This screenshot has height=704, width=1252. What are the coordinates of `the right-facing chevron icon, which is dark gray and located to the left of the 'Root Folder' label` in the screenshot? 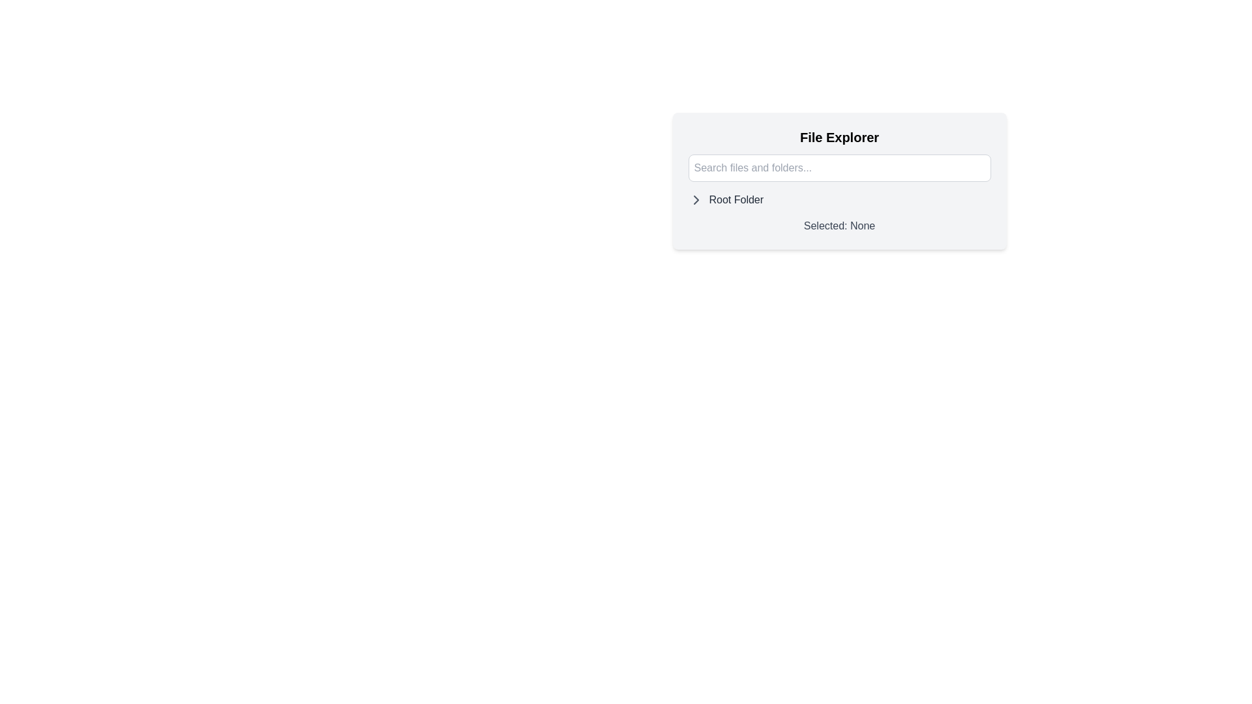 It's located at (695, 200).